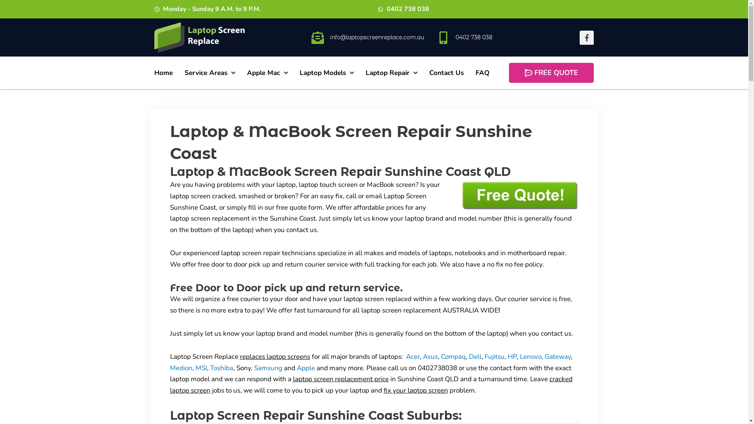 The width and height of the screenshot is (754, 424). I want to click on 'Fujitsu', so click(494, 356).